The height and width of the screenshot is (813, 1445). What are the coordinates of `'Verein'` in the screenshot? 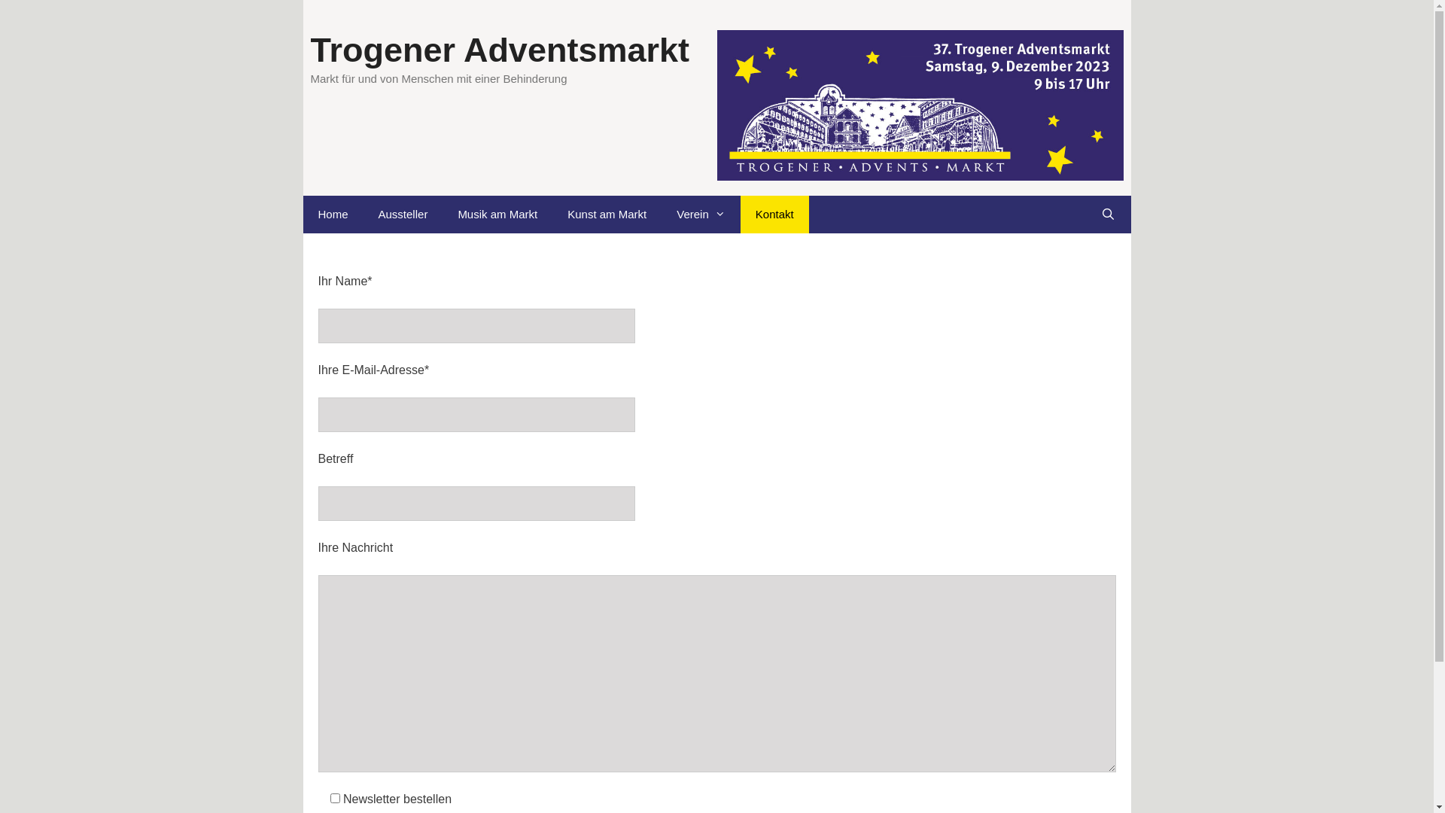 It's located at (661, 215).